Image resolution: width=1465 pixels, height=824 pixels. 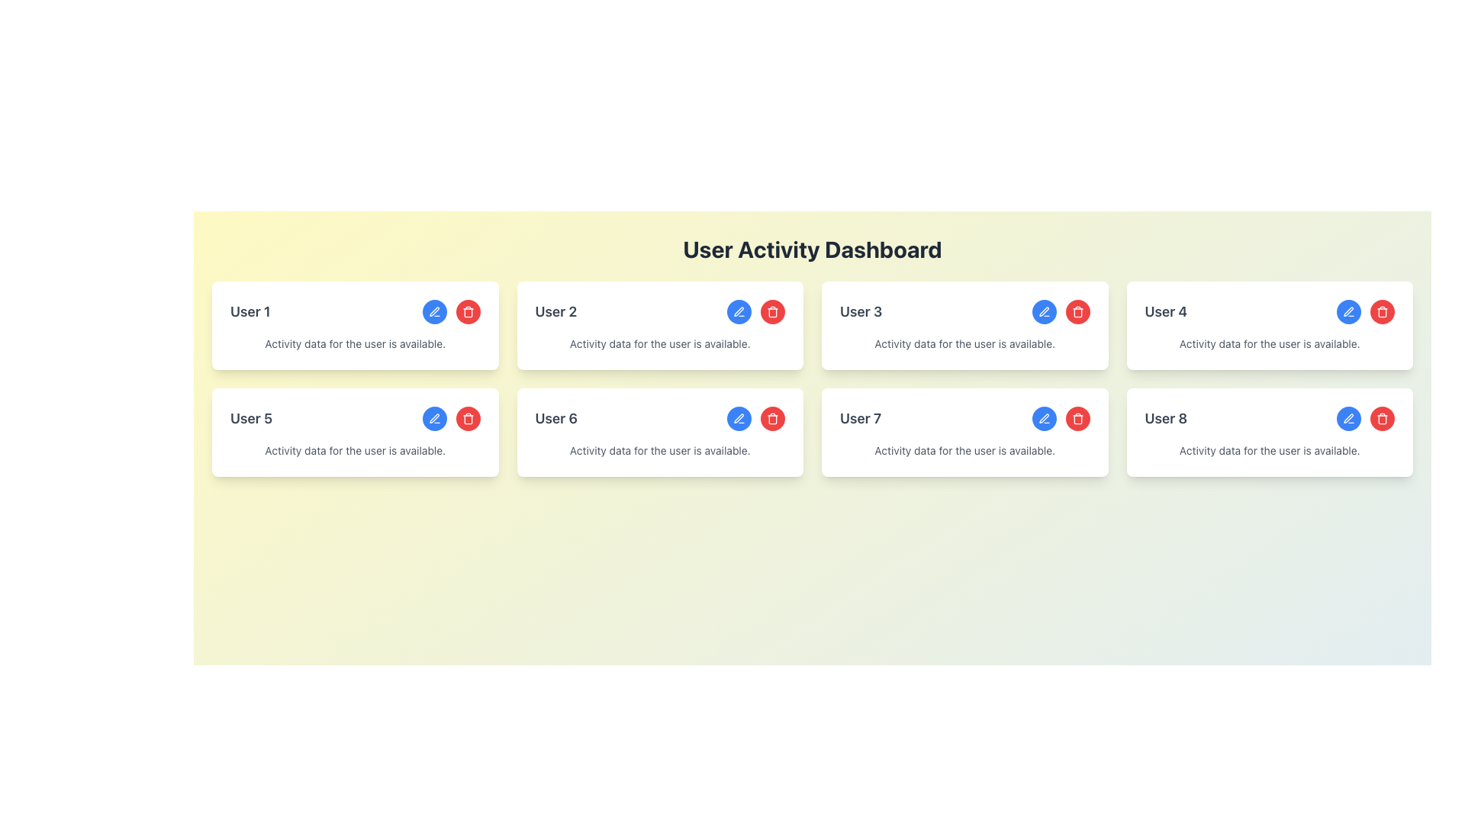 What do you see at coordinates (739, 311) in the screenshot?
I see `the edit button, represented by a small blue pen icon, located inside the 'User 2' card in the second position from the left` at bounding box center [739, 311].